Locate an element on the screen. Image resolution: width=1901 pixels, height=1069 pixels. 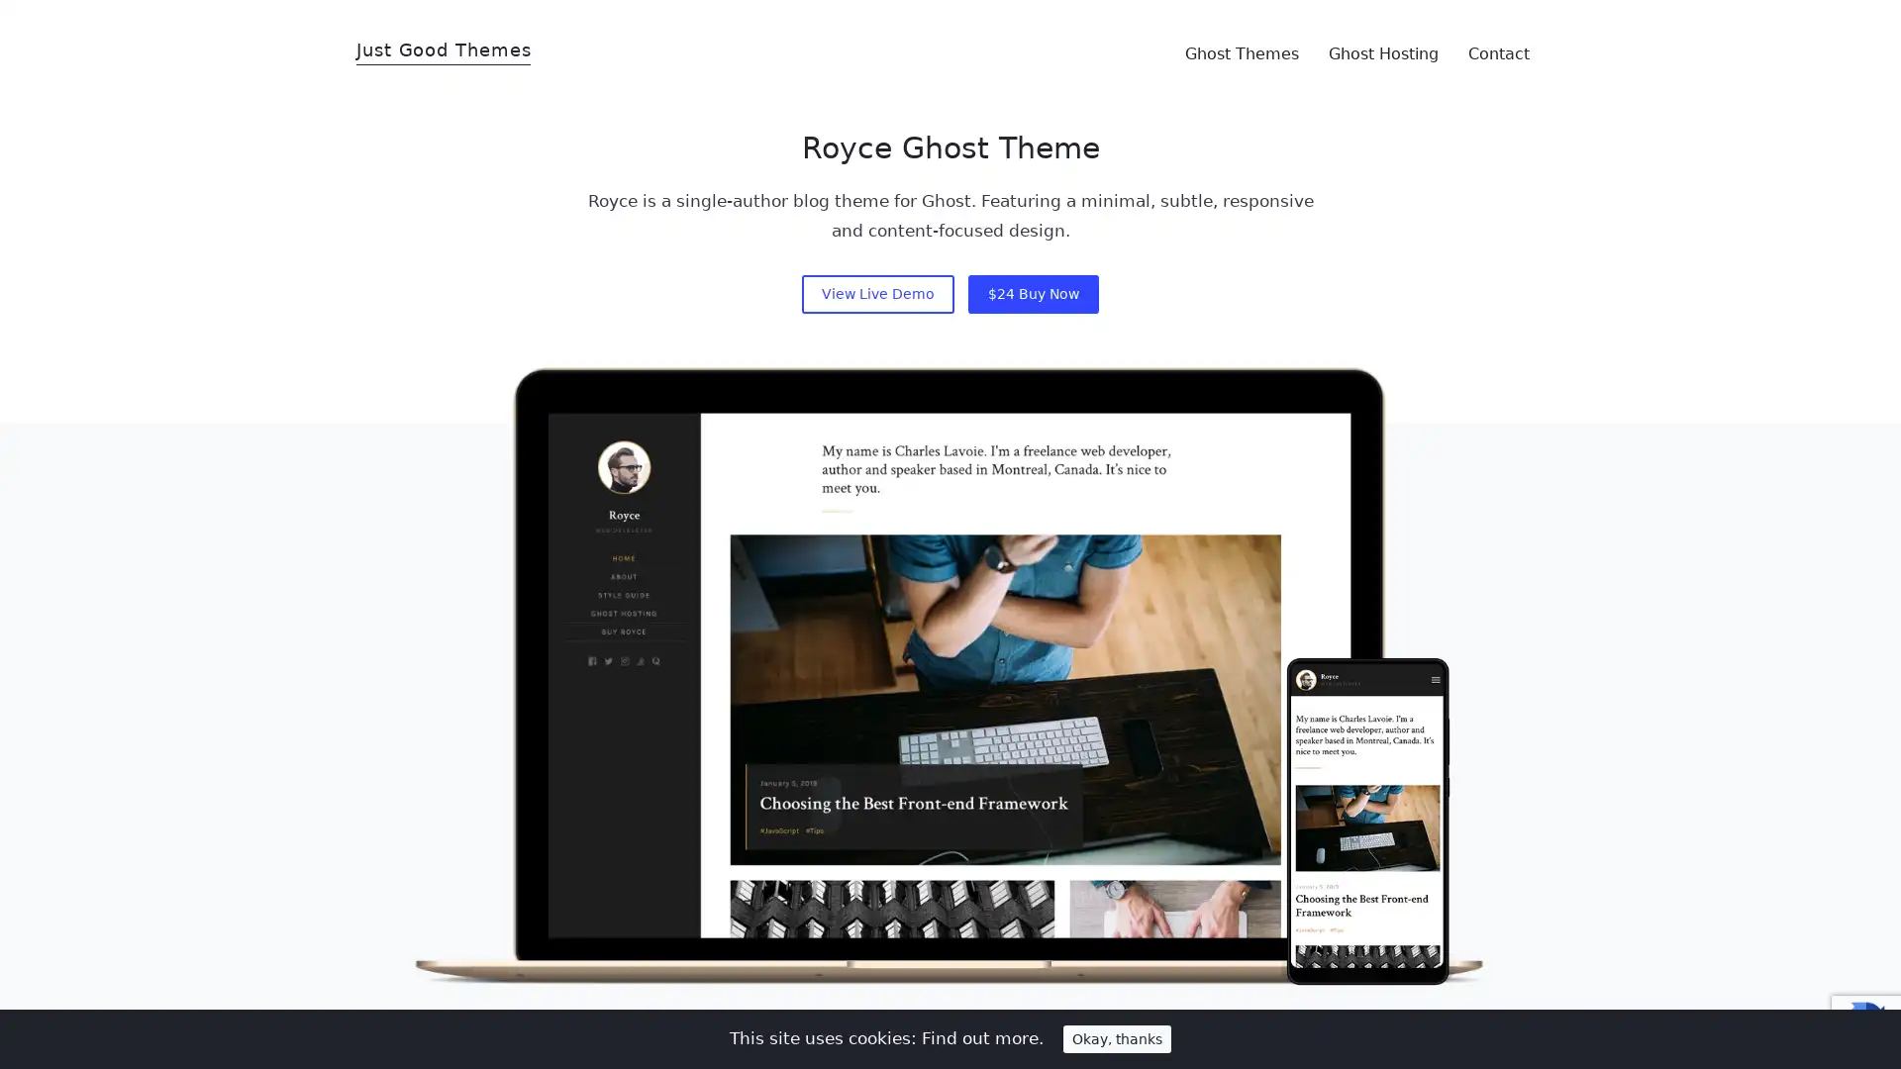
Okay, thanks is located at coordinates (1117, 1037).